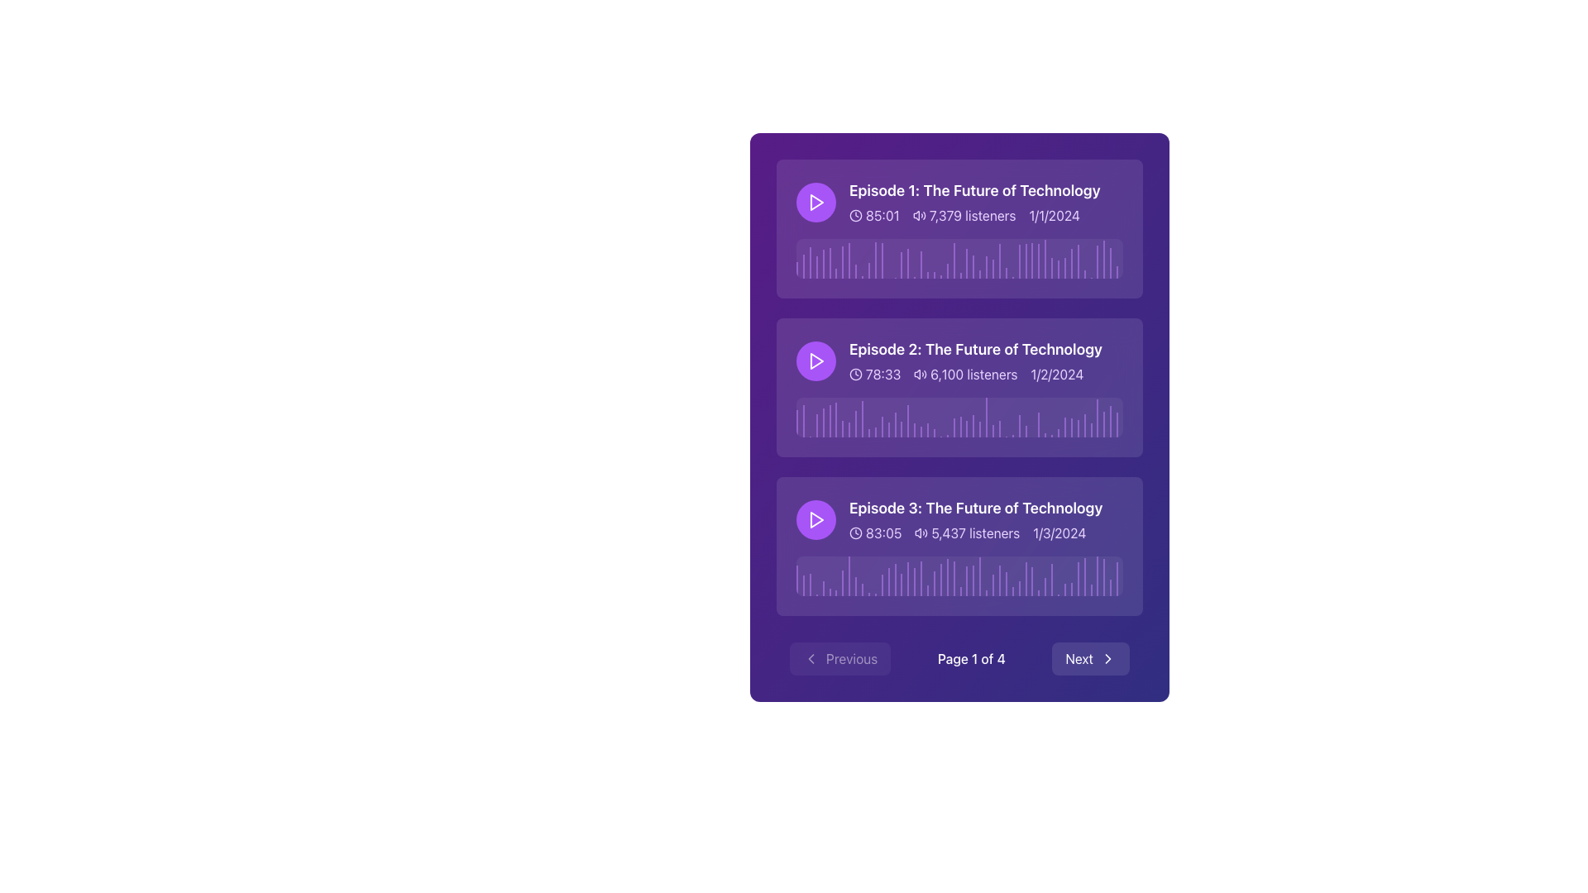 The image size is (1588, 893). Describe the element at coordinates (976, 518) in the screenshot. I see `information displayed in the static text block titled 'Episode 3: The Future of Technology', which includes duration, listener count, and release date` at that location.